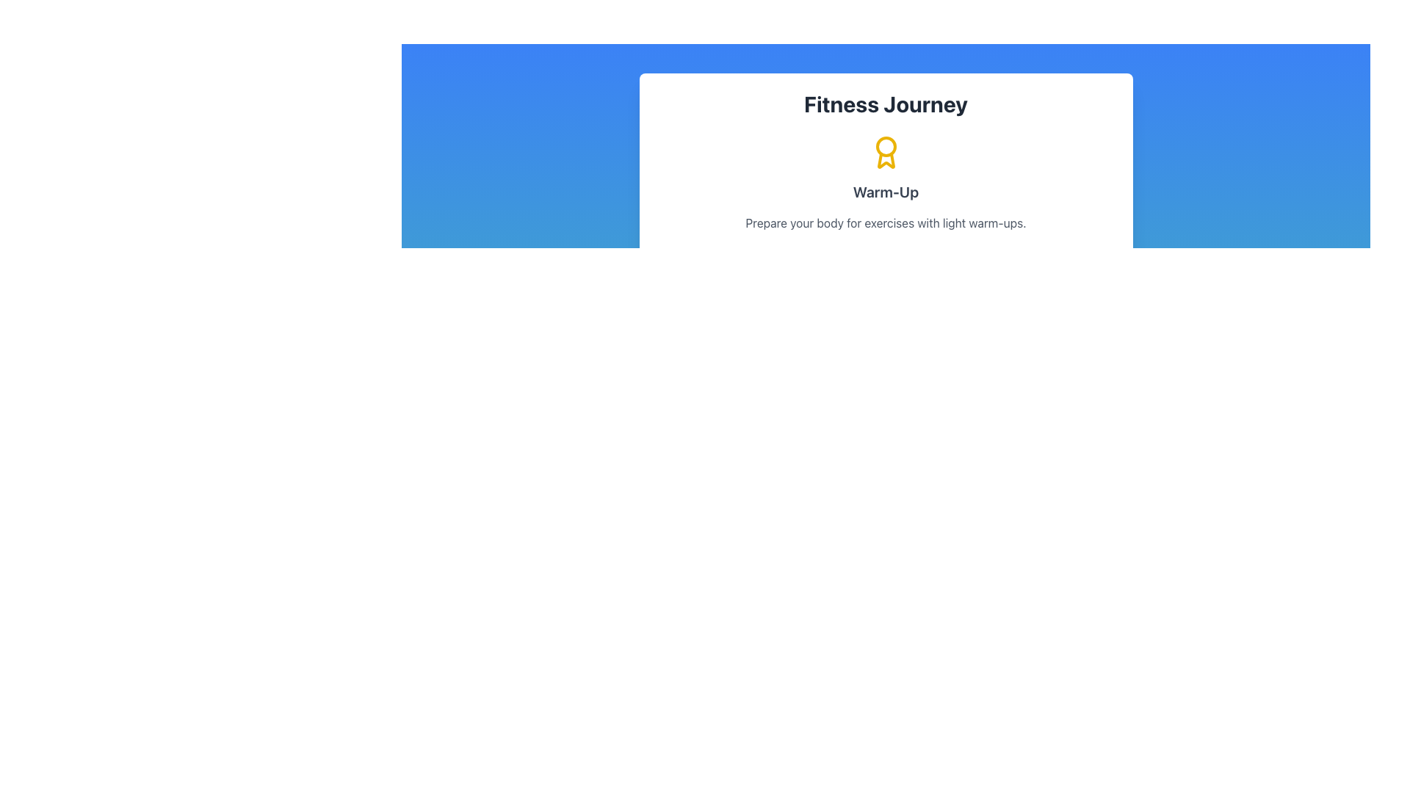  Describe the element at coordinates (885, 223) in the screenshot. I see `the descriptive text that reads 'Prepare your body for exercises with light warm-ups.' located directly below the title 'Warm-Up.'` at that location.